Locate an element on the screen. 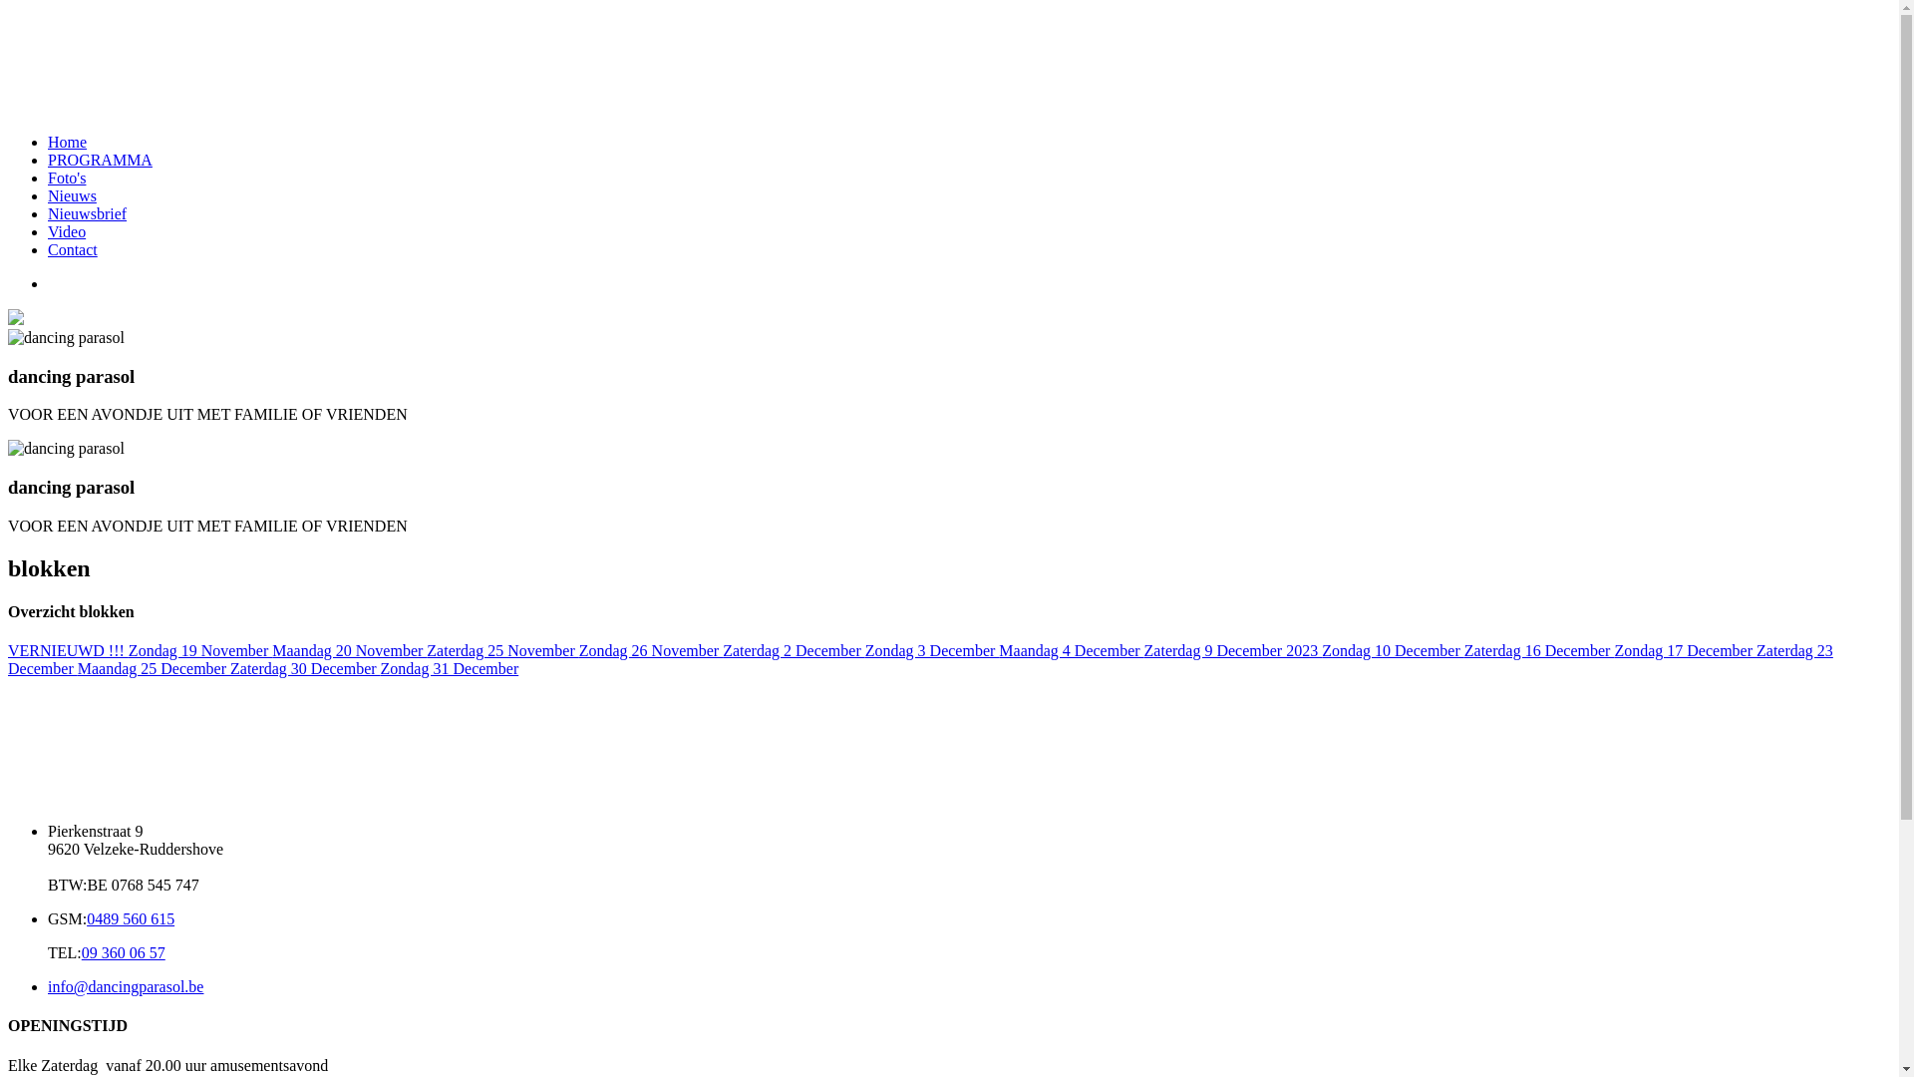  'Zaterdag 23 December' is located at coordinates (919, 659).